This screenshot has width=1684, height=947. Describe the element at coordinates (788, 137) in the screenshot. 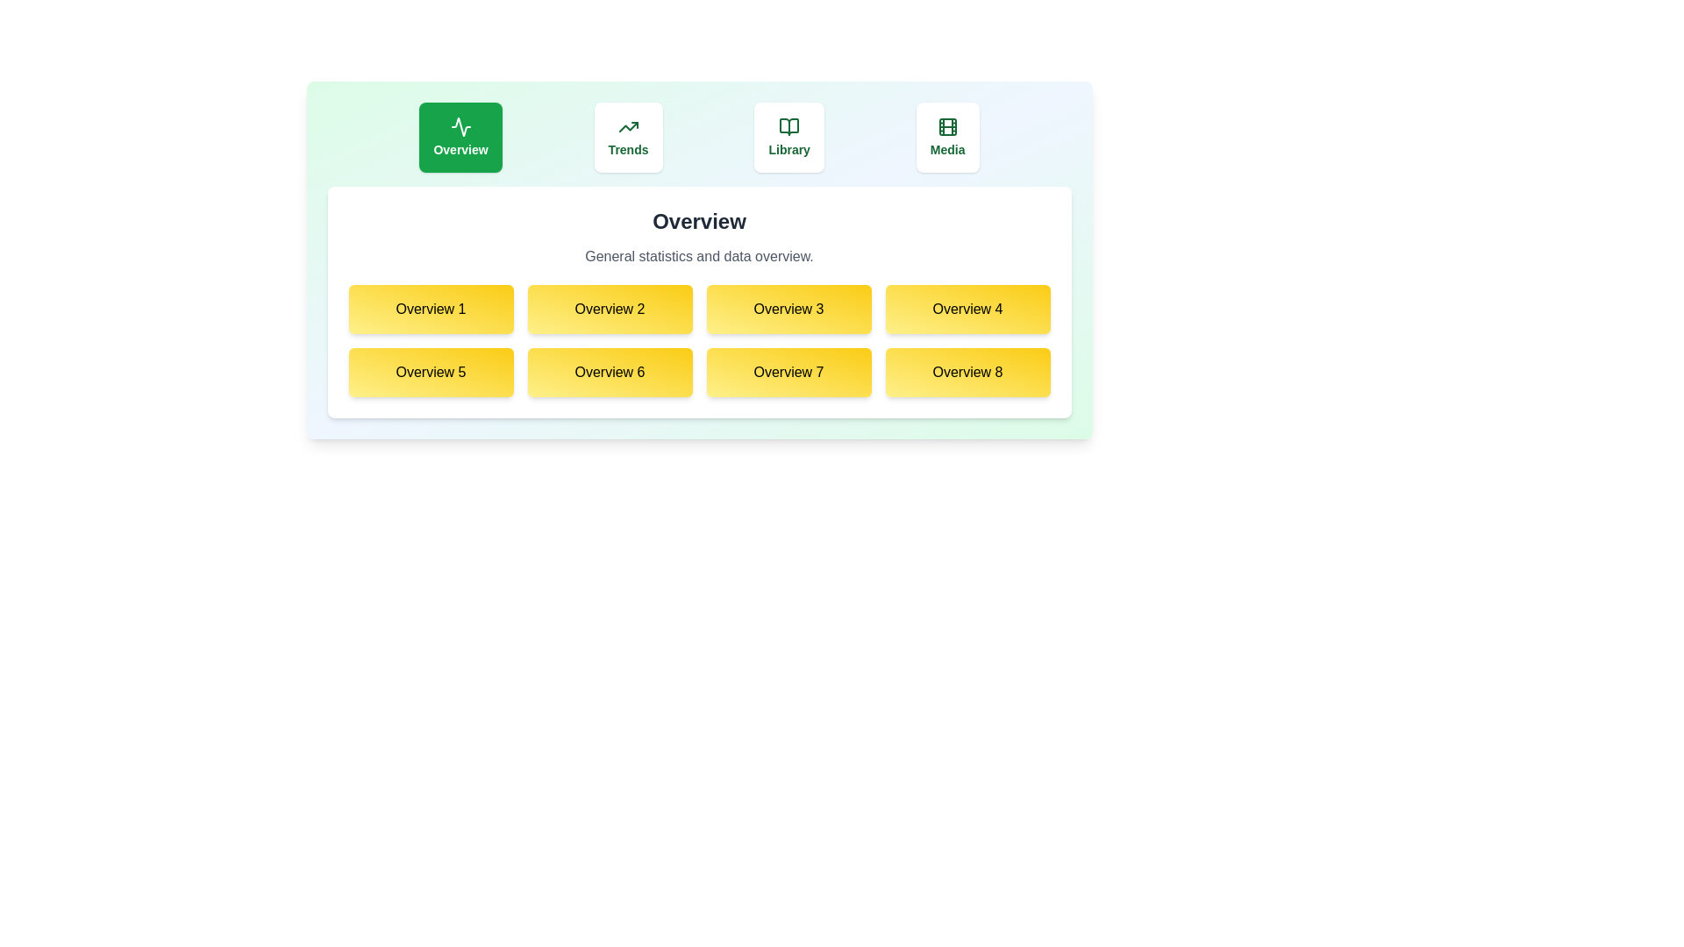

I see `the Library tab by clicking on it` at that location.